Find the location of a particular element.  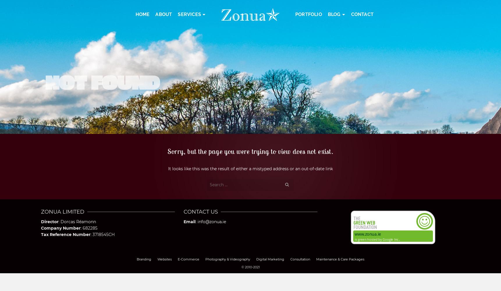

'Digital Marketing' is located at coordinates (270, 259).